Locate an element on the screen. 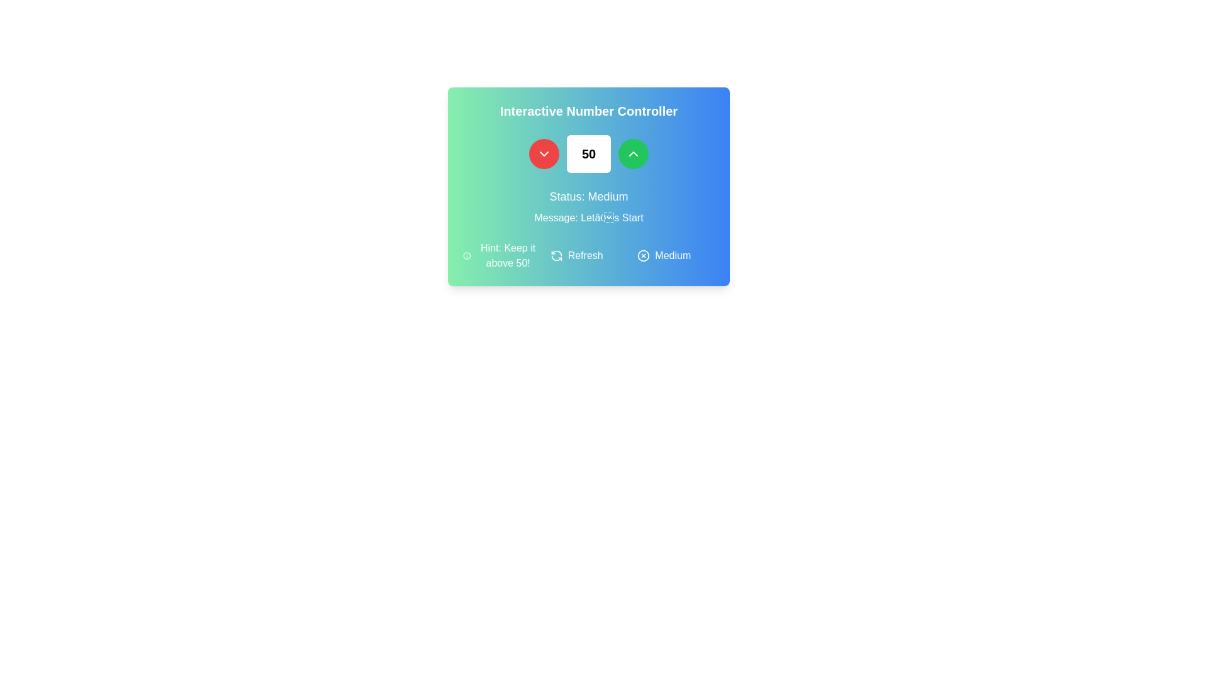 This screenshot has height=679, width=1208. the numeric value display box located between a red button with a downward arrow and a green button with an upward arrow is located at coordinates (588, 153).